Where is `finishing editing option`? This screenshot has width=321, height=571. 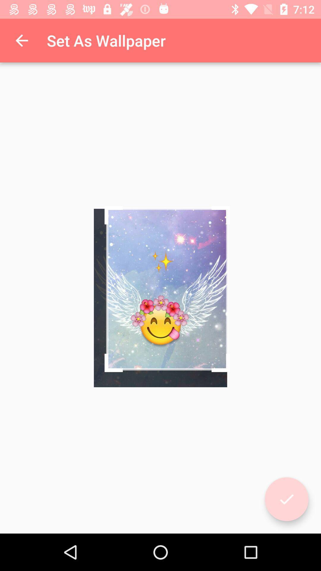 finishing editing option is located at coordinates (286, 499).